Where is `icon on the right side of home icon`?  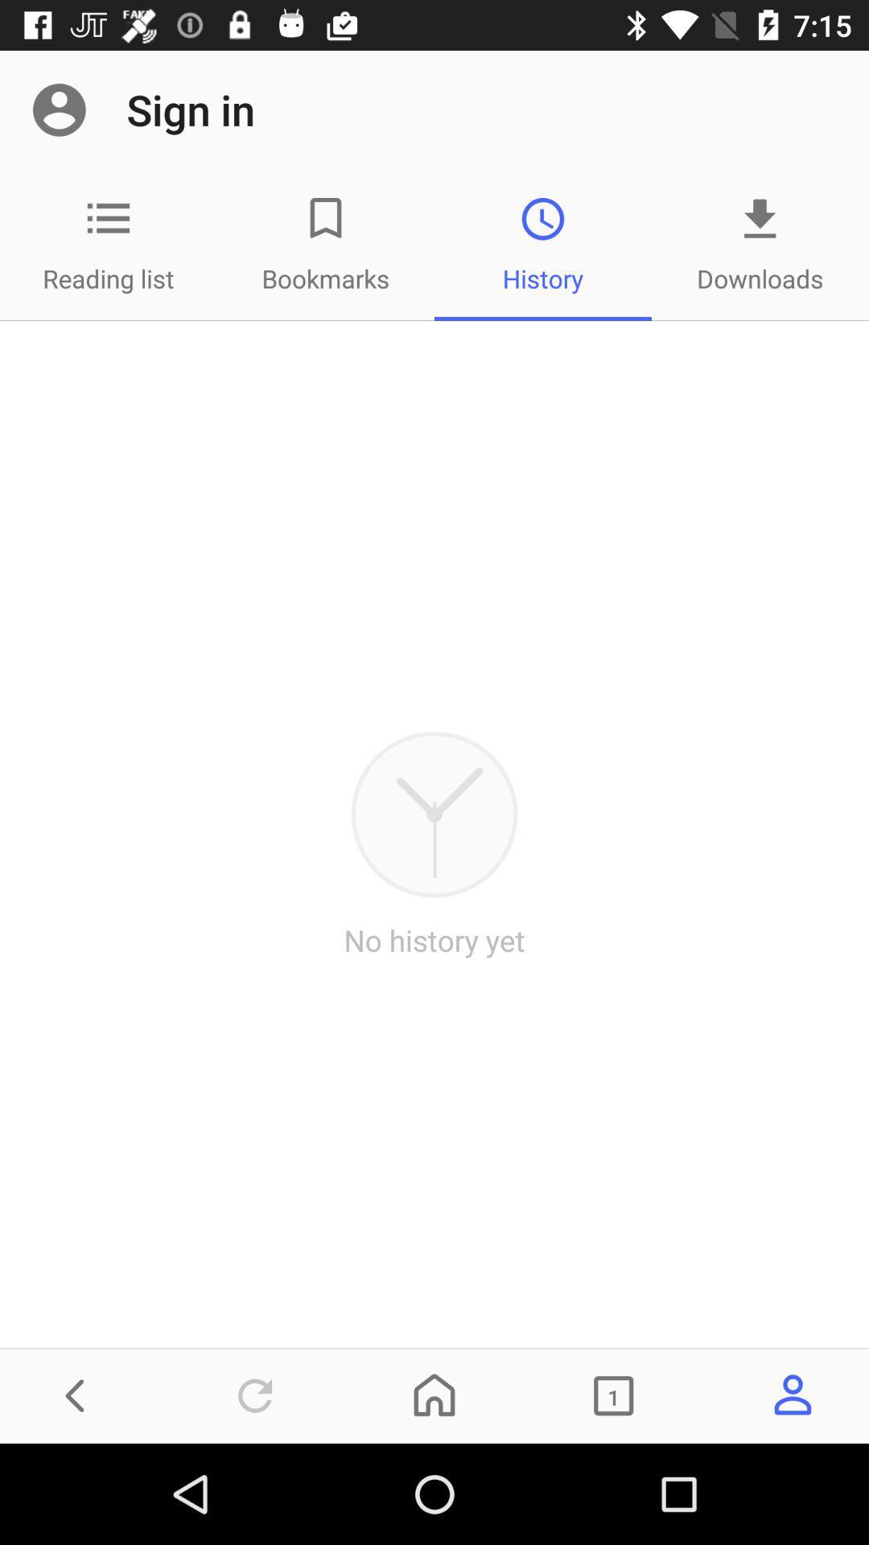 icon on the right side of home icon is located at coordinates (613, 1395).